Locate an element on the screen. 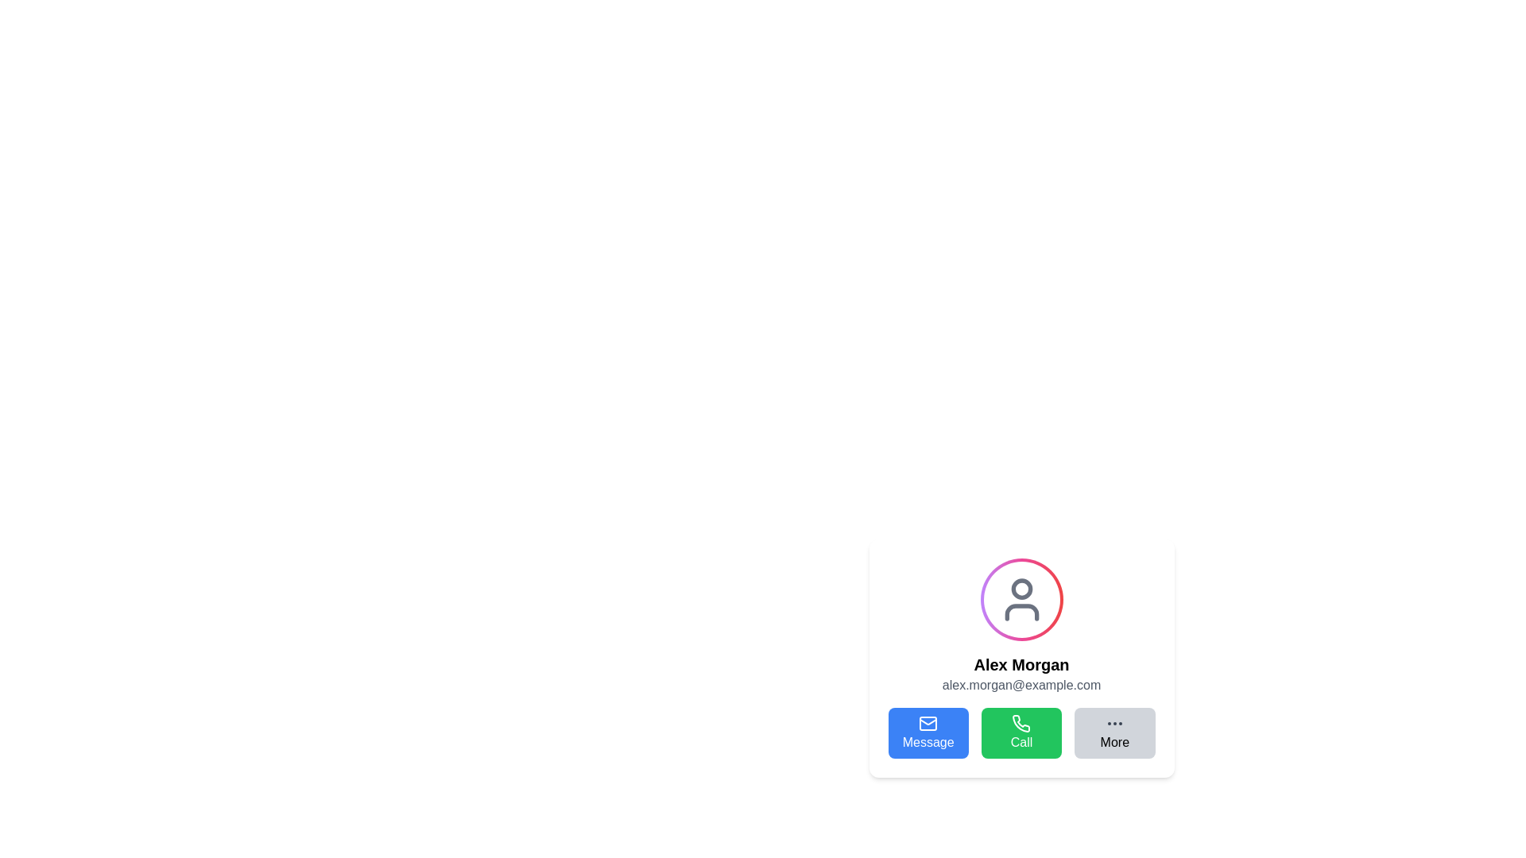 This screenshot has width=1526, height=858. the user avatar icon located at the top of the UI card, which serves as a representation of user information is located at coordinates (1021, 600).